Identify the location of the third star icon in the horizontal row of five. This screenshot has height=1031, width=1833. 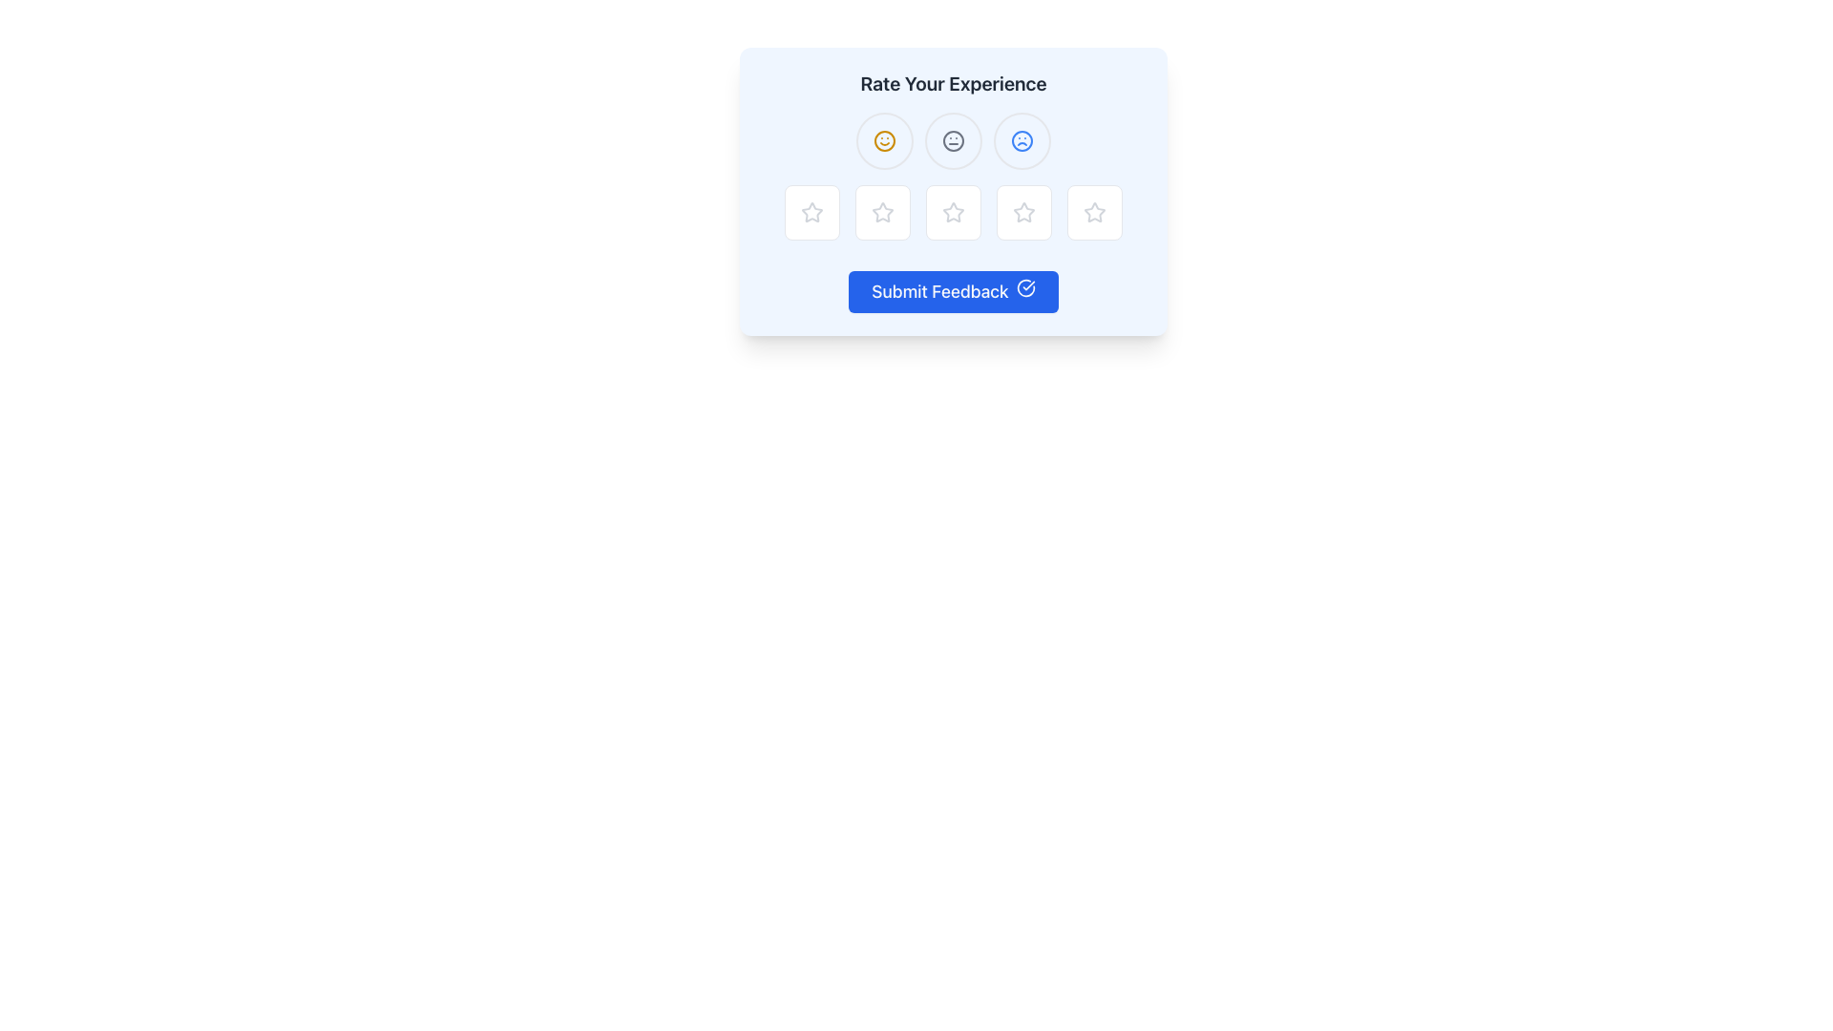
(953, 213).